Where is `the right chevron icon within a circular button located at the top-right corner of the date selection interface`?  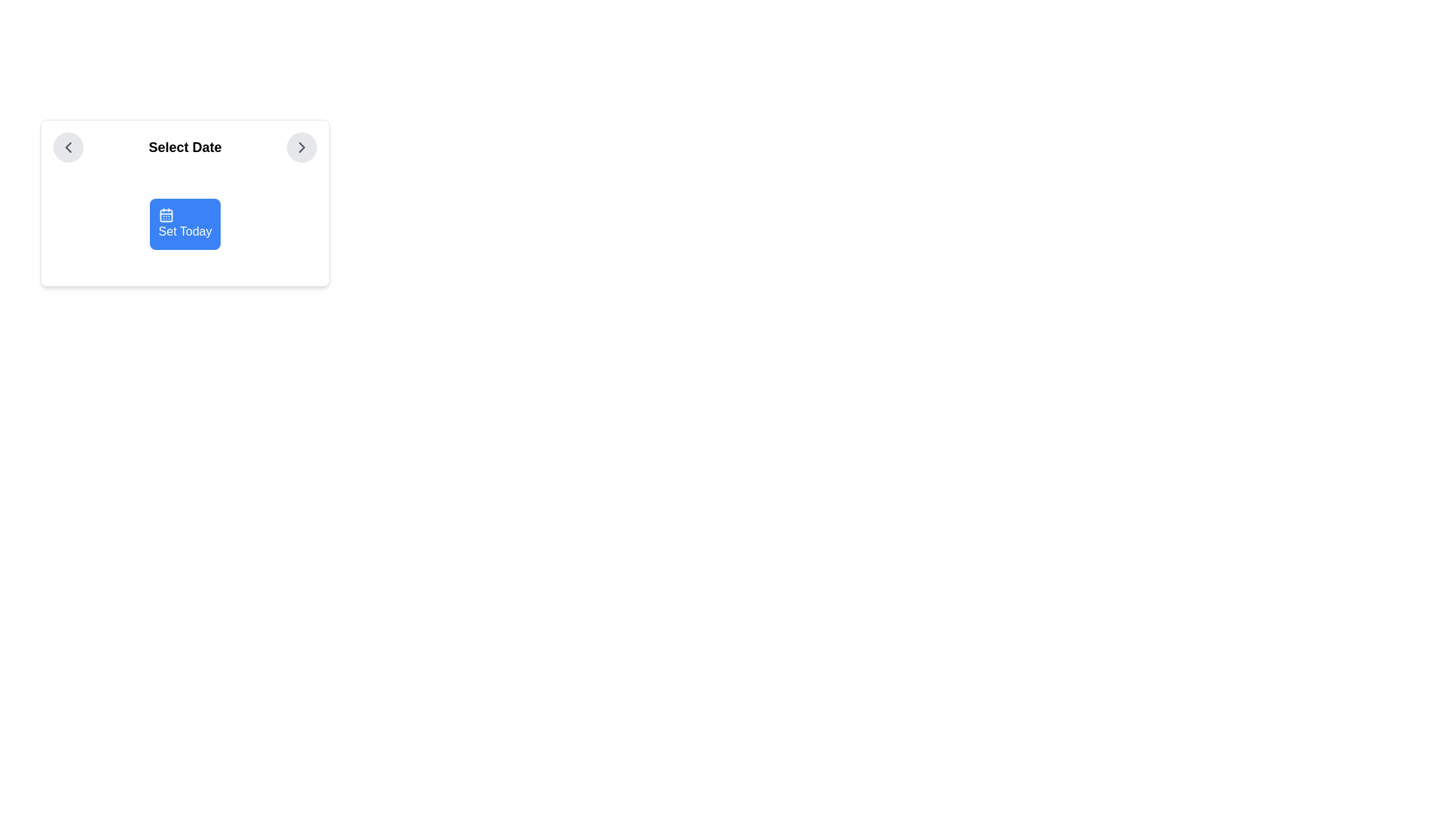 the right chevron icon within a circular button located at the top-right corner of the date selection interface is located at coordinates (301, 148).